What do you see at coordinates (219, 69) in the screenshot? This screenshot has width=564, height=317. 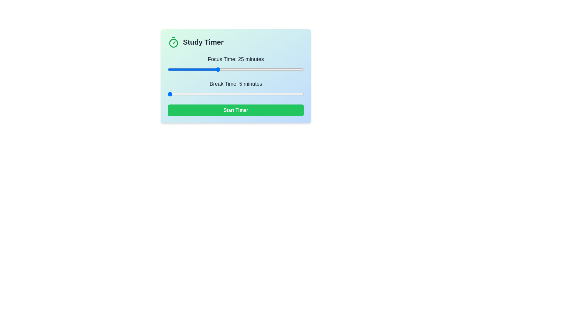 I see `the focus time slider to set the duration to 26 minutes` at bounding box center [219, 69].